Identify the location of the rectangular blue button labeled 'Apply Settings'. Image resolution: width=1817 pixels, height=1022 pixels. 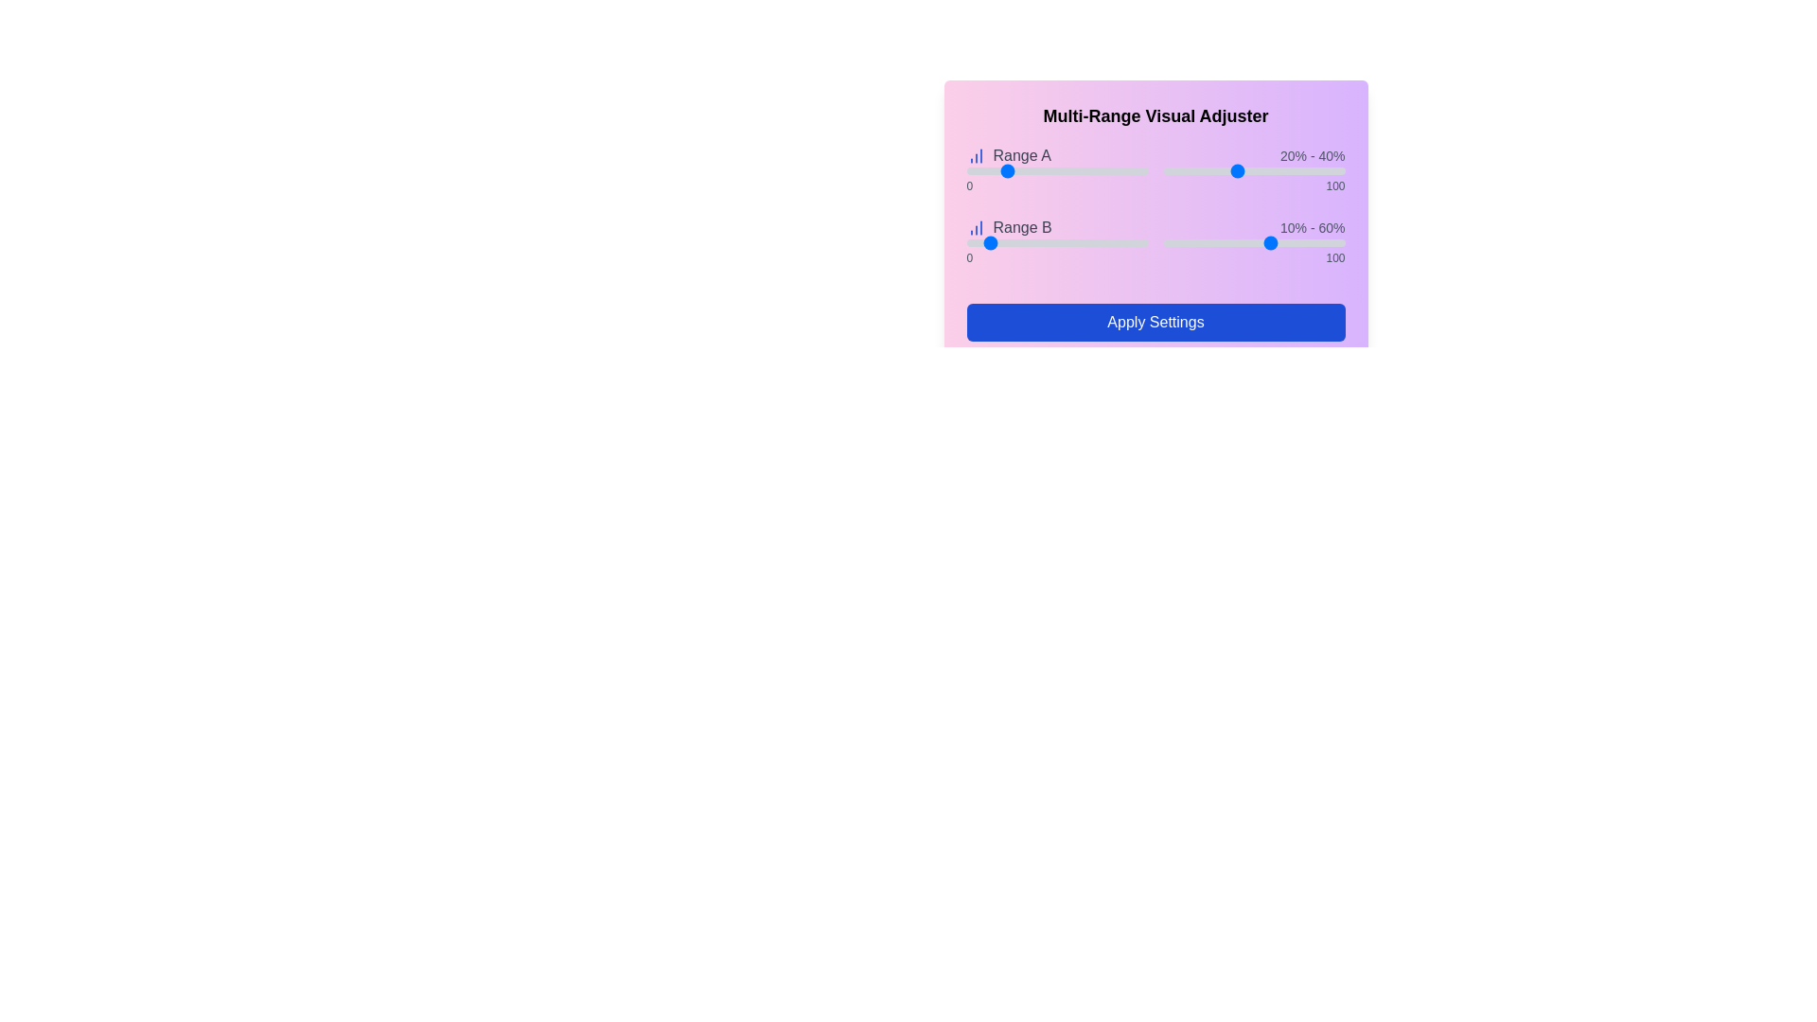
(1155, 321).